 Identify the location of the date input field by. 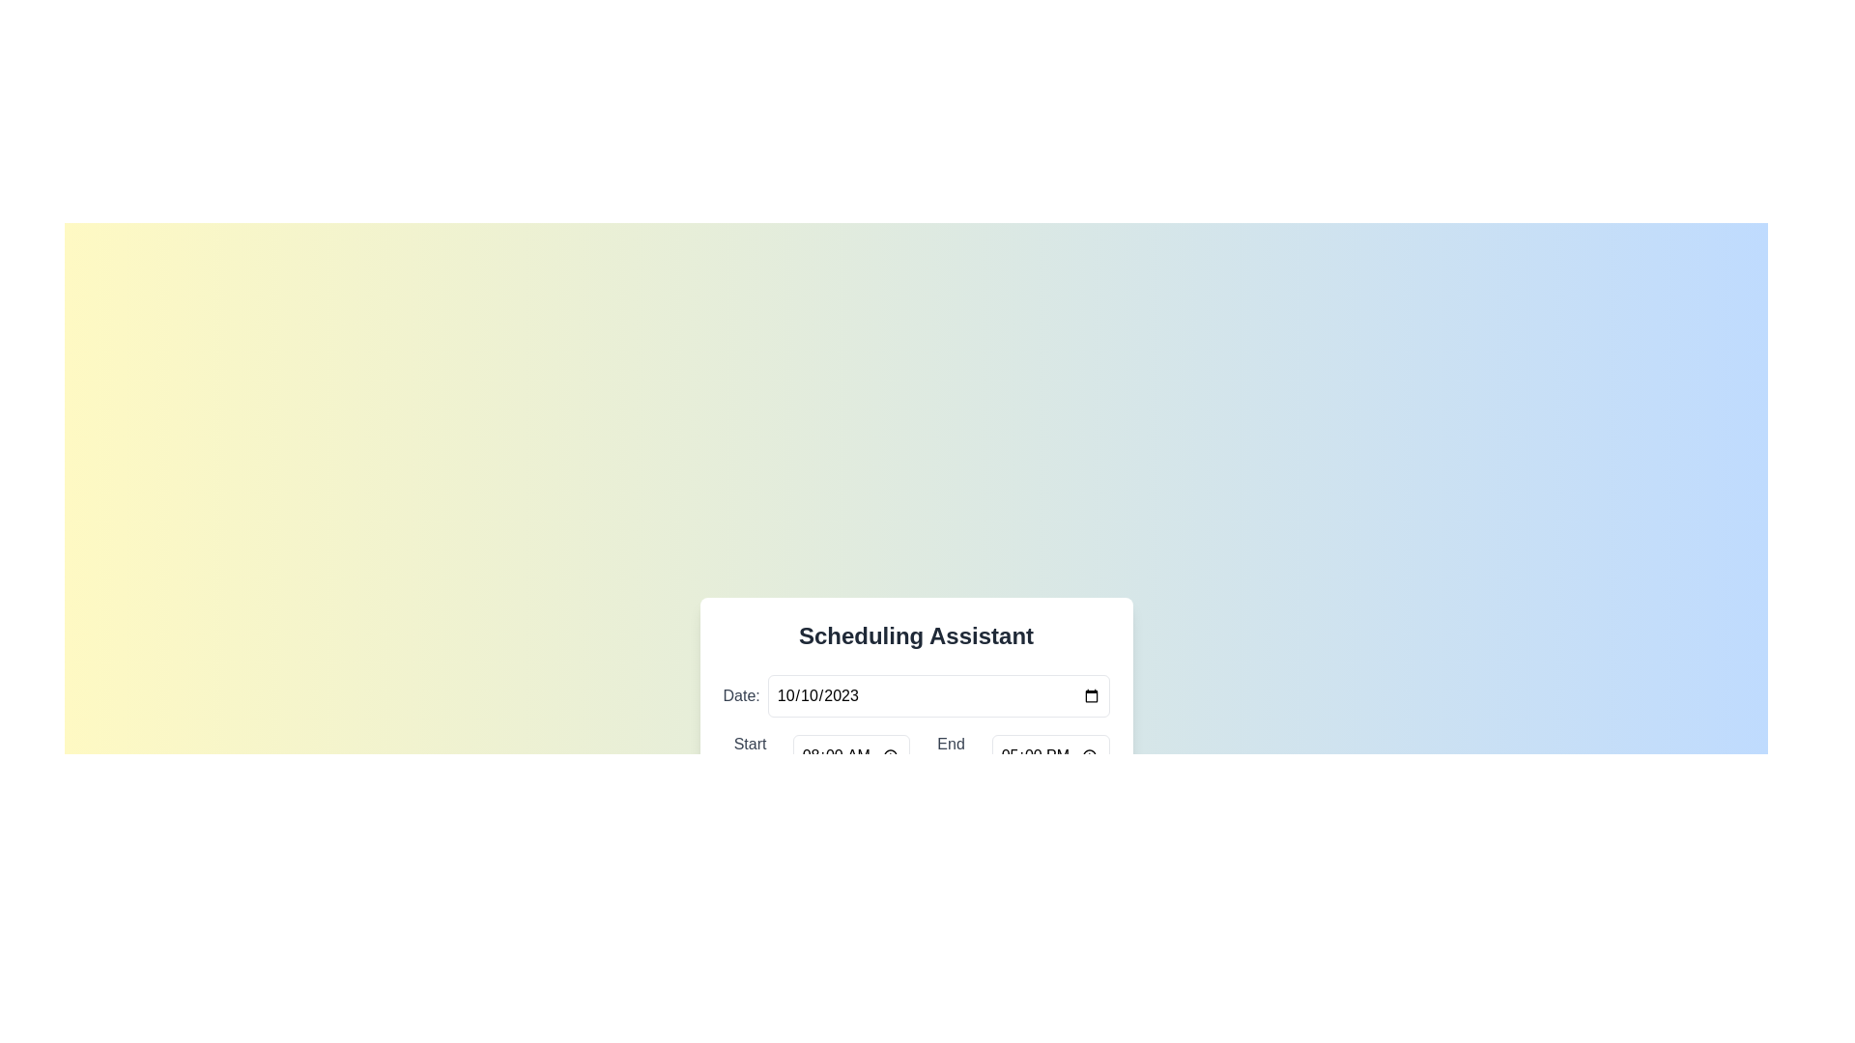
(938, 696).